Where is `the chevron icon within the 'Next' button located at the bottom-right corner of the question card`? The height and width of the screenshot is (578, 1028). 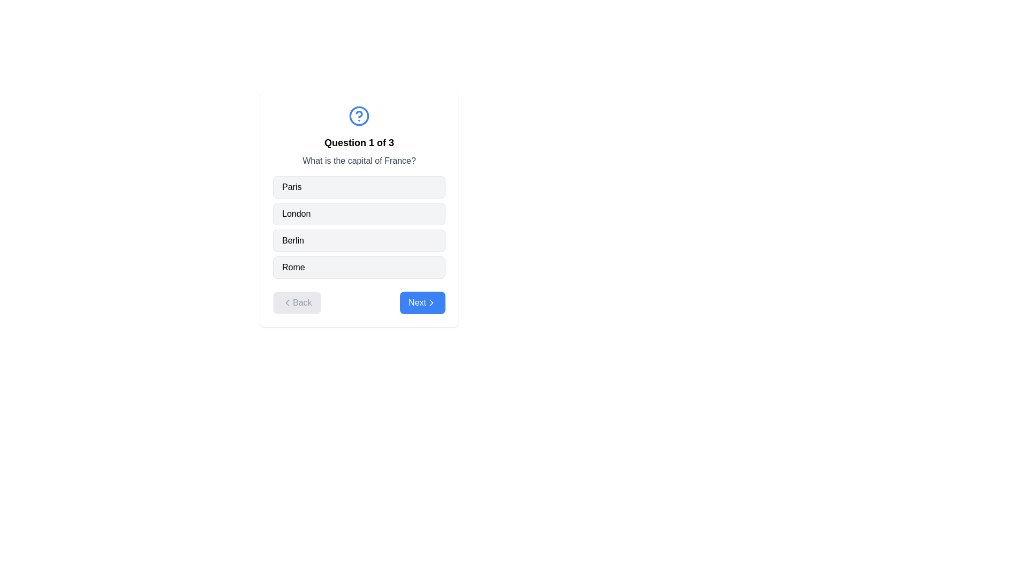
the chevron icon within the 'Next' button located at the bottom-right corner of the question card is located at coordinates (432, 303).